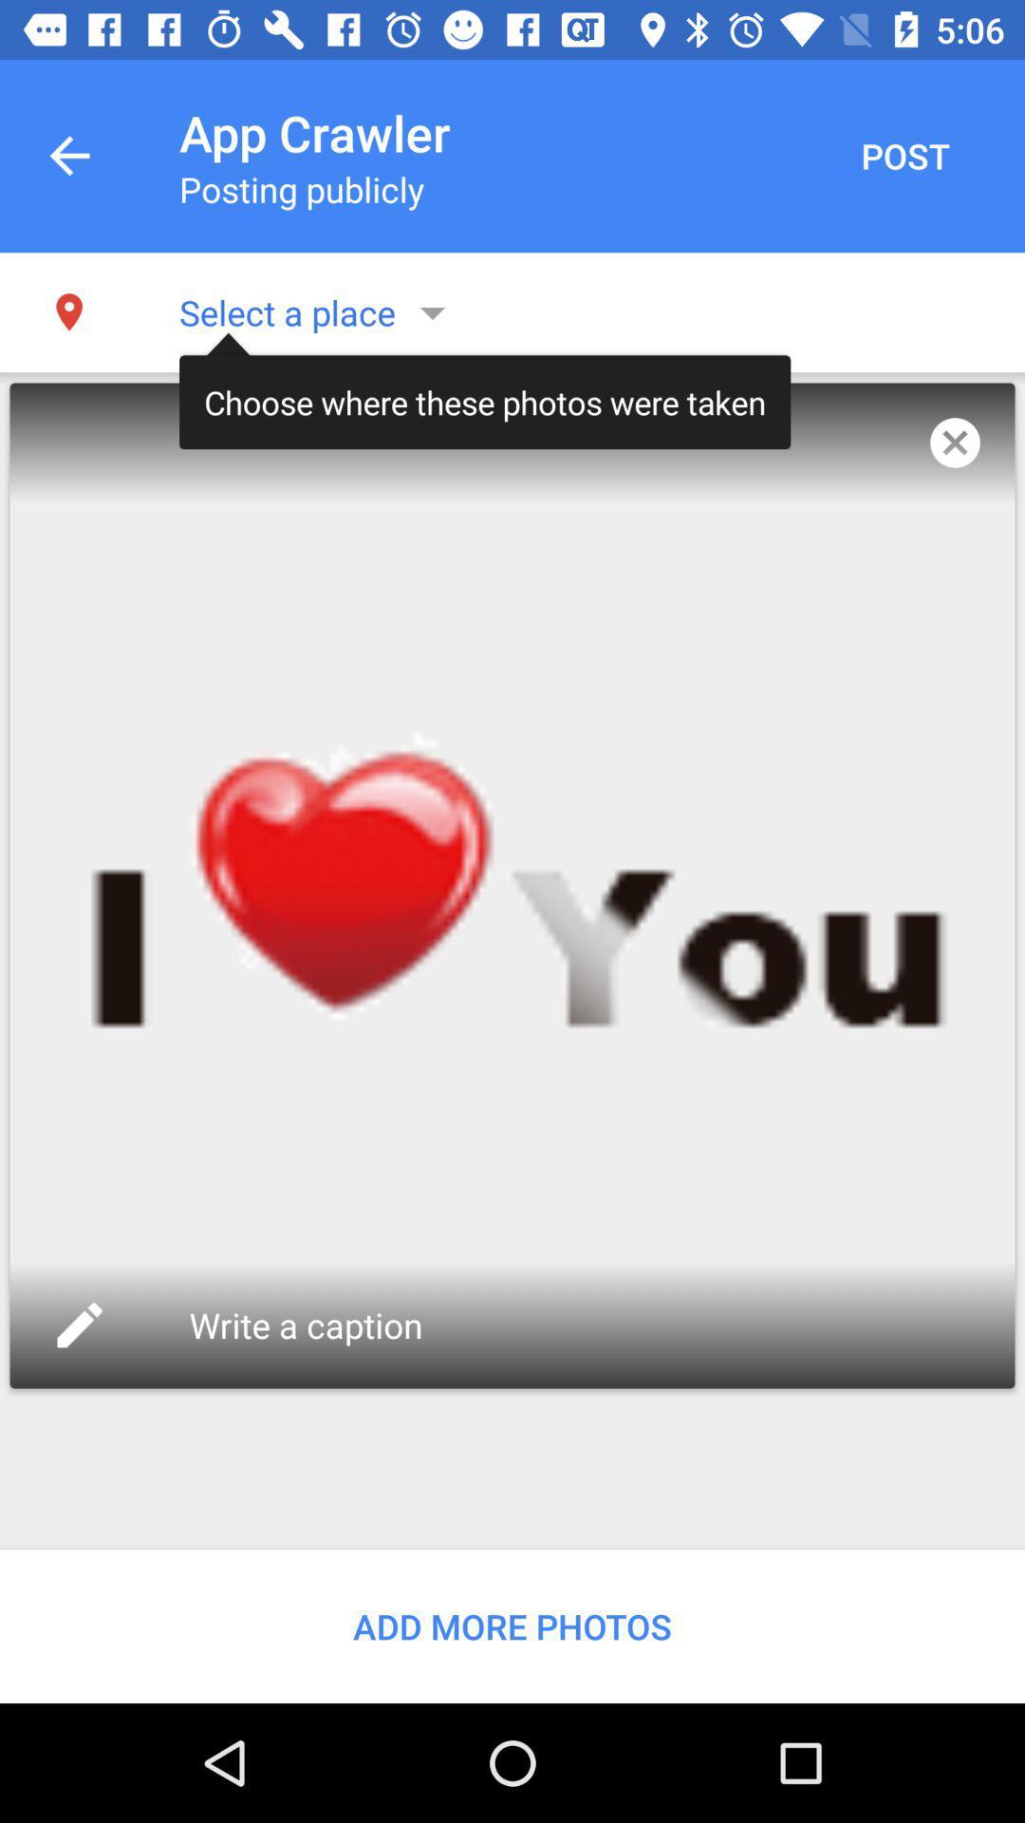 Image resolution: width=1025 pixels, height=1823 pixels. Describe the element at coordinates (512, 1626) in the screenshot. I see `add more photos app` at that location.